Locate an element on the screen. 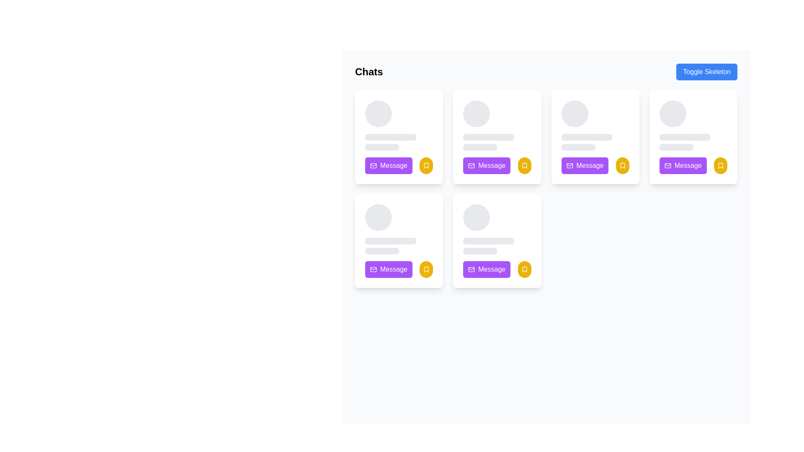  the mail icon, which has a minimalistic design featuring a rectangular envelope outline and a purple background, located to the left of the 'Message' text label in the bottom-left card of a 2x3 grid layout is located at coordinates (373, 270).